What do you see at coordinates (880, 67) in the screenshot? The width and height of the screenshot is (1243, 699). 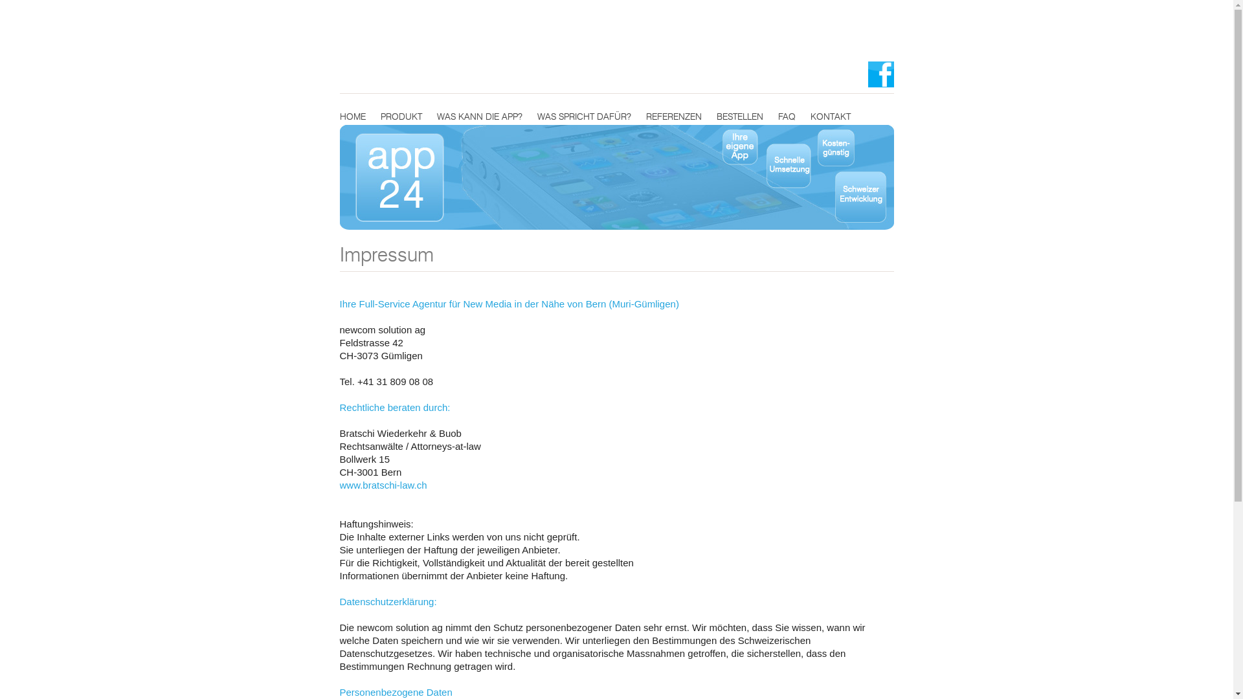 I see `'app24 auf Facebook'` at bounding box center [880, 67].